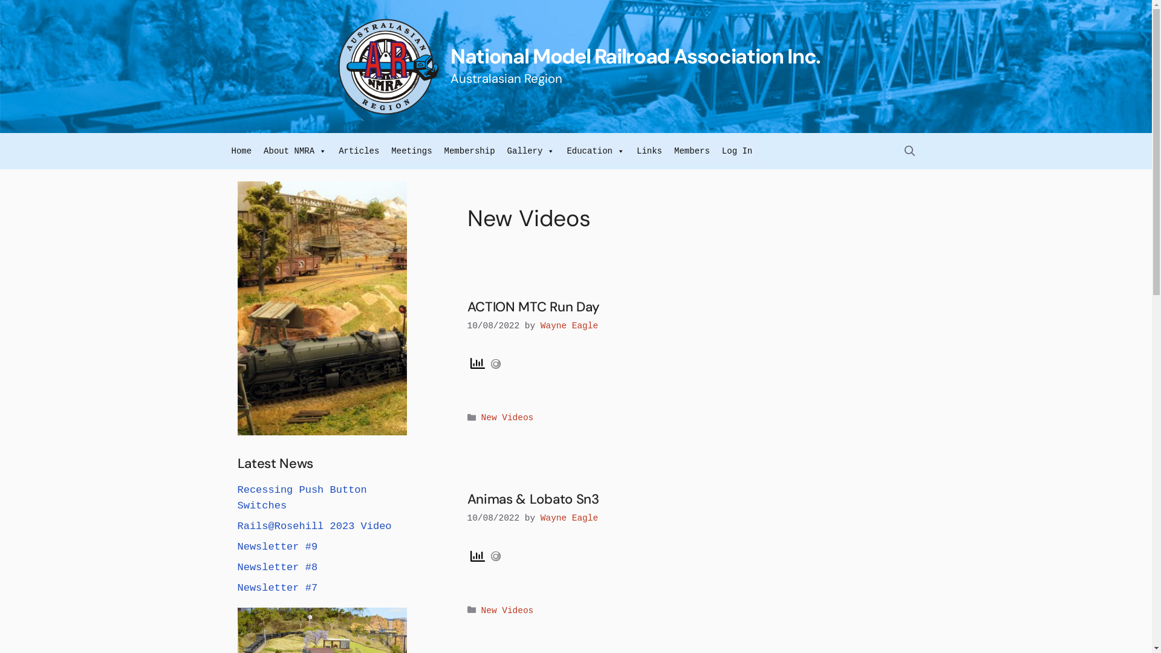 The image size is (1161, 653). What do you see at coordinates (649, 151) in the screenshot?
I see `'Links'` at bounding box center [649, 151].